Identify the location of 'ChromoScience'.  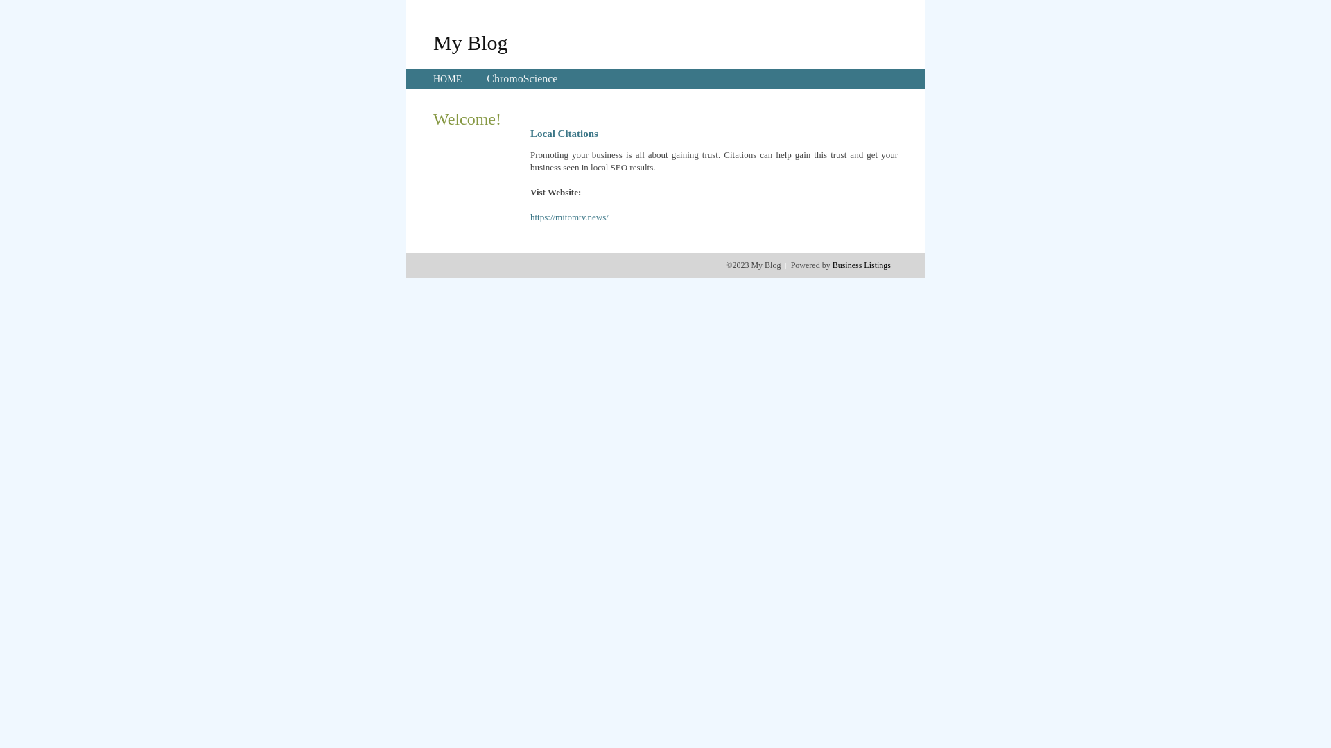
(521, 78).